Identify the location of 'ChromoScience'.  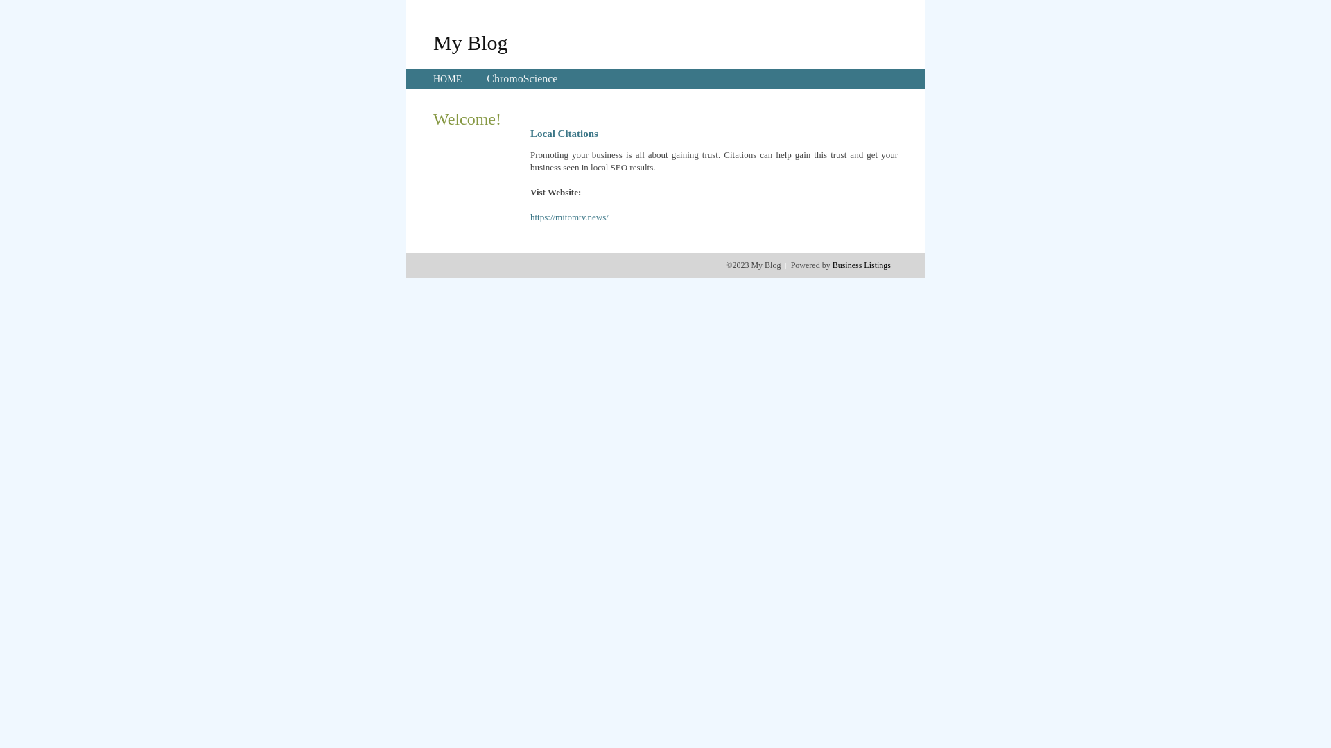
(521, 78).